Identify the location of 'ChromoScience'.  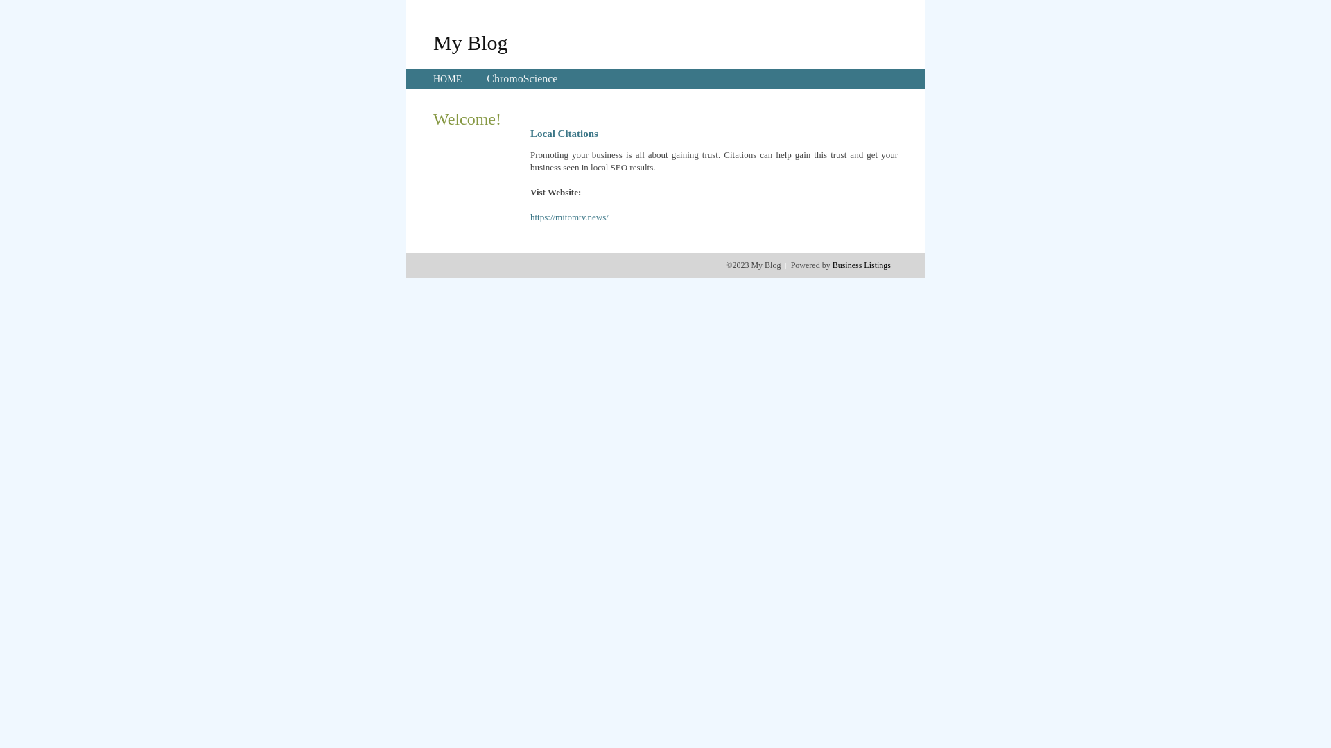
(521, 78).